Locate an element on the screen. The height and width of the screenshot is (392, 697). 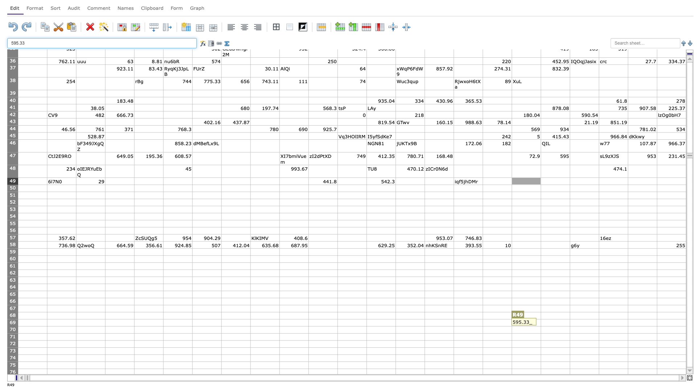
Auto-fill handle of T69 is located at coordinates (599, 326).